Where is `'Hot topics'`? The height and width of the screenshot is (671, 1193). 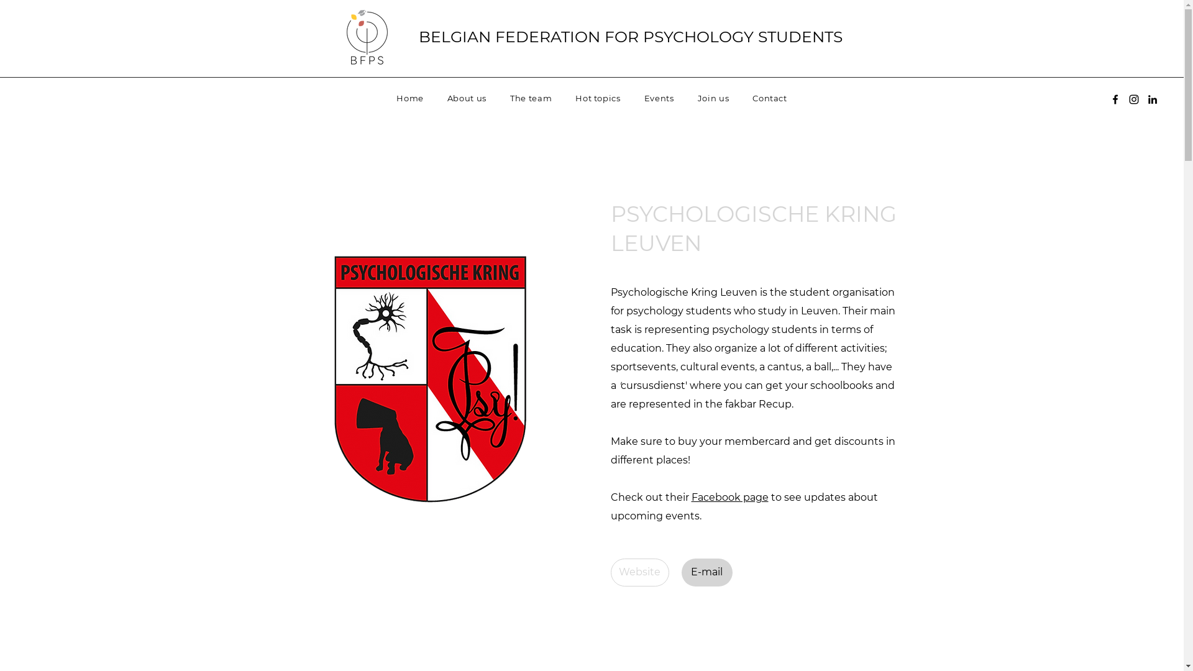 'Hot topics' is located at coordinates (565, 98).